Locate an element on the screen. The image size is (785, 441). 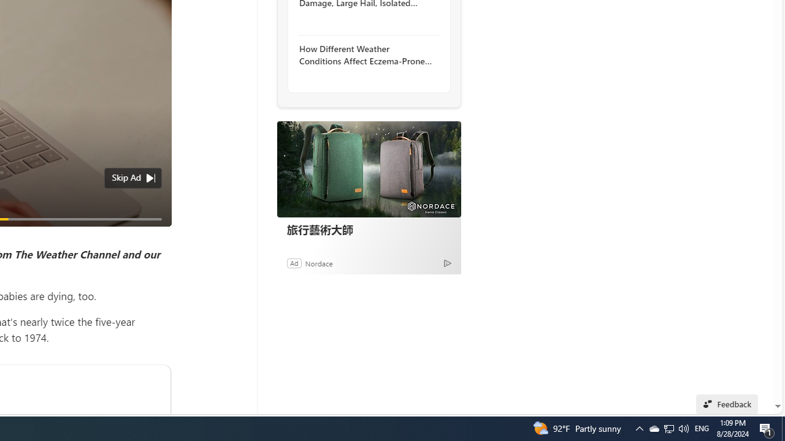
'Nordace' is located at coordinates (318, 262).